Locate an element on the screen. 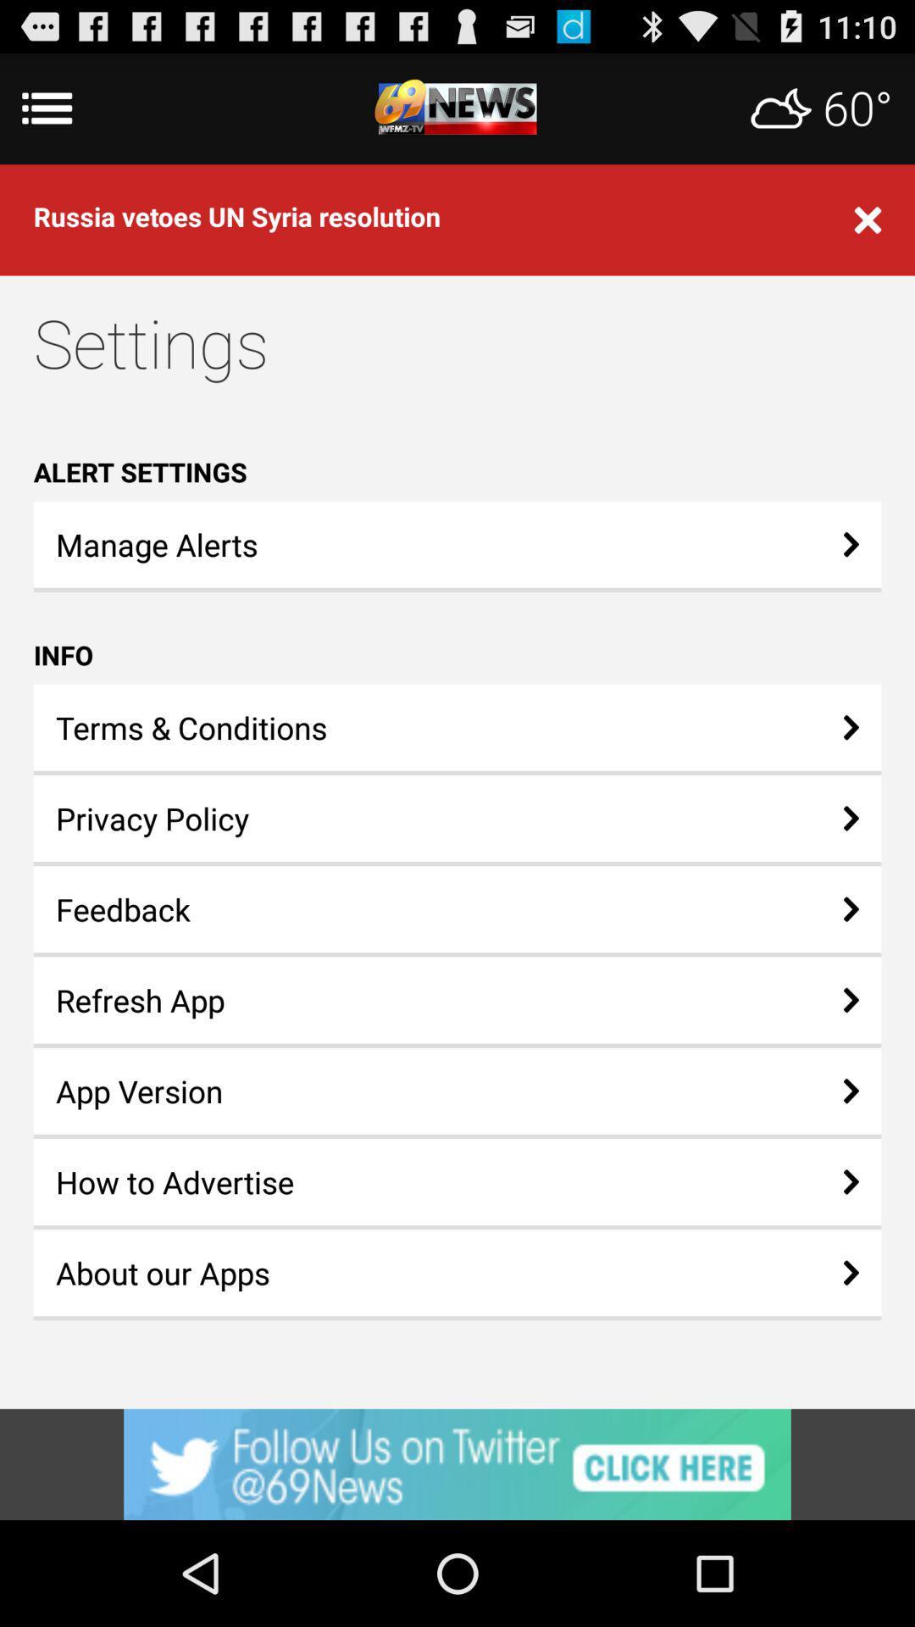 This screenshot has width=915, height=1627. follow the site on twitter is located at coordinates (457, 1463).